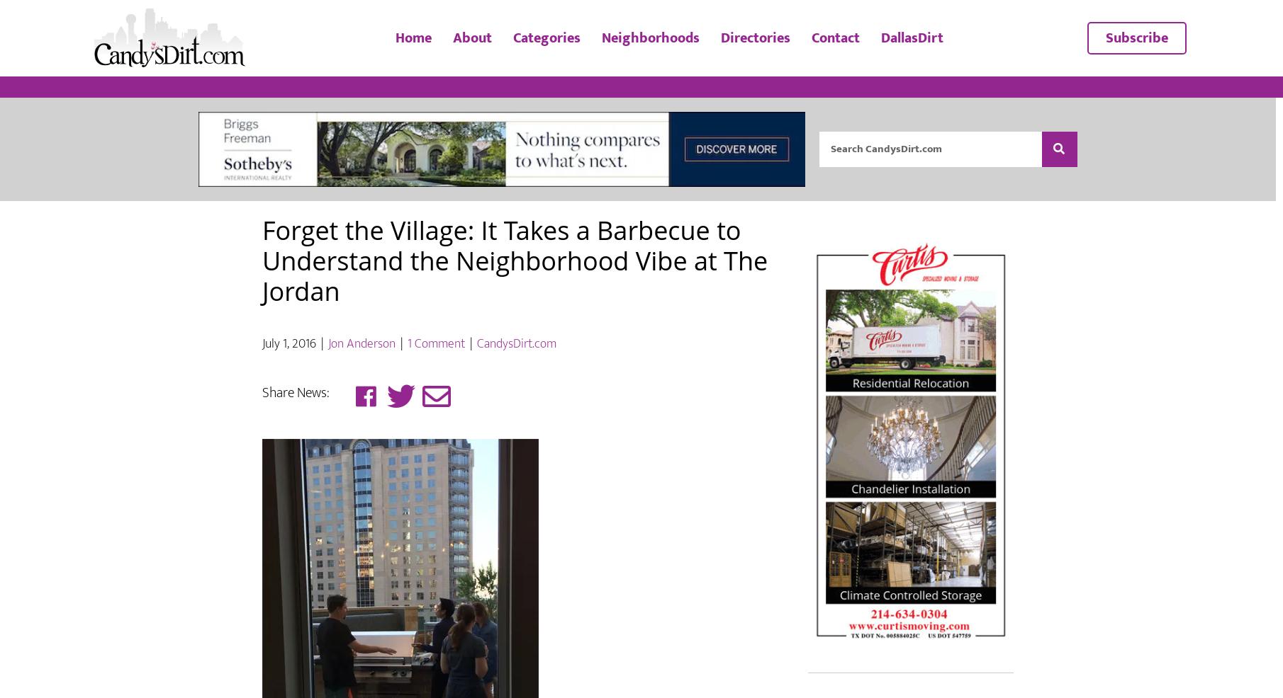 The height and width of the screenshot is (698, 1283). Describe the element at coordinates (262, 301) in the screenshot. I see `'Forget the Village: It Takes a Barbecue to Understand the Neighborhood Vibe at The Jordan'` at that location.